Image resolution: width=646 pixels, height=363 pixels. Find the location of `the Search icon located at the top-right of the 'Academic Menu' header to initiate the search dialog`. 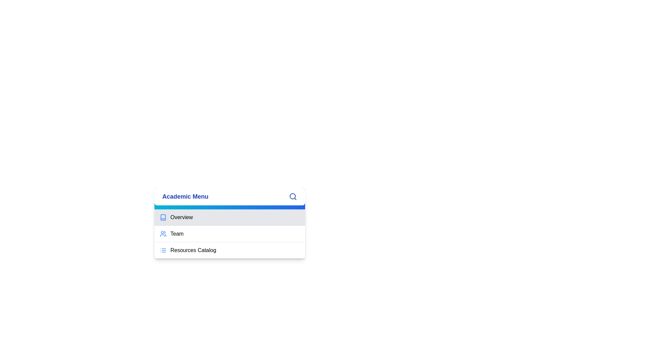

the Search icon located at the top-right of the 'Academic Menu' header to initiate the search dialog is located at coordinates (293, 197).